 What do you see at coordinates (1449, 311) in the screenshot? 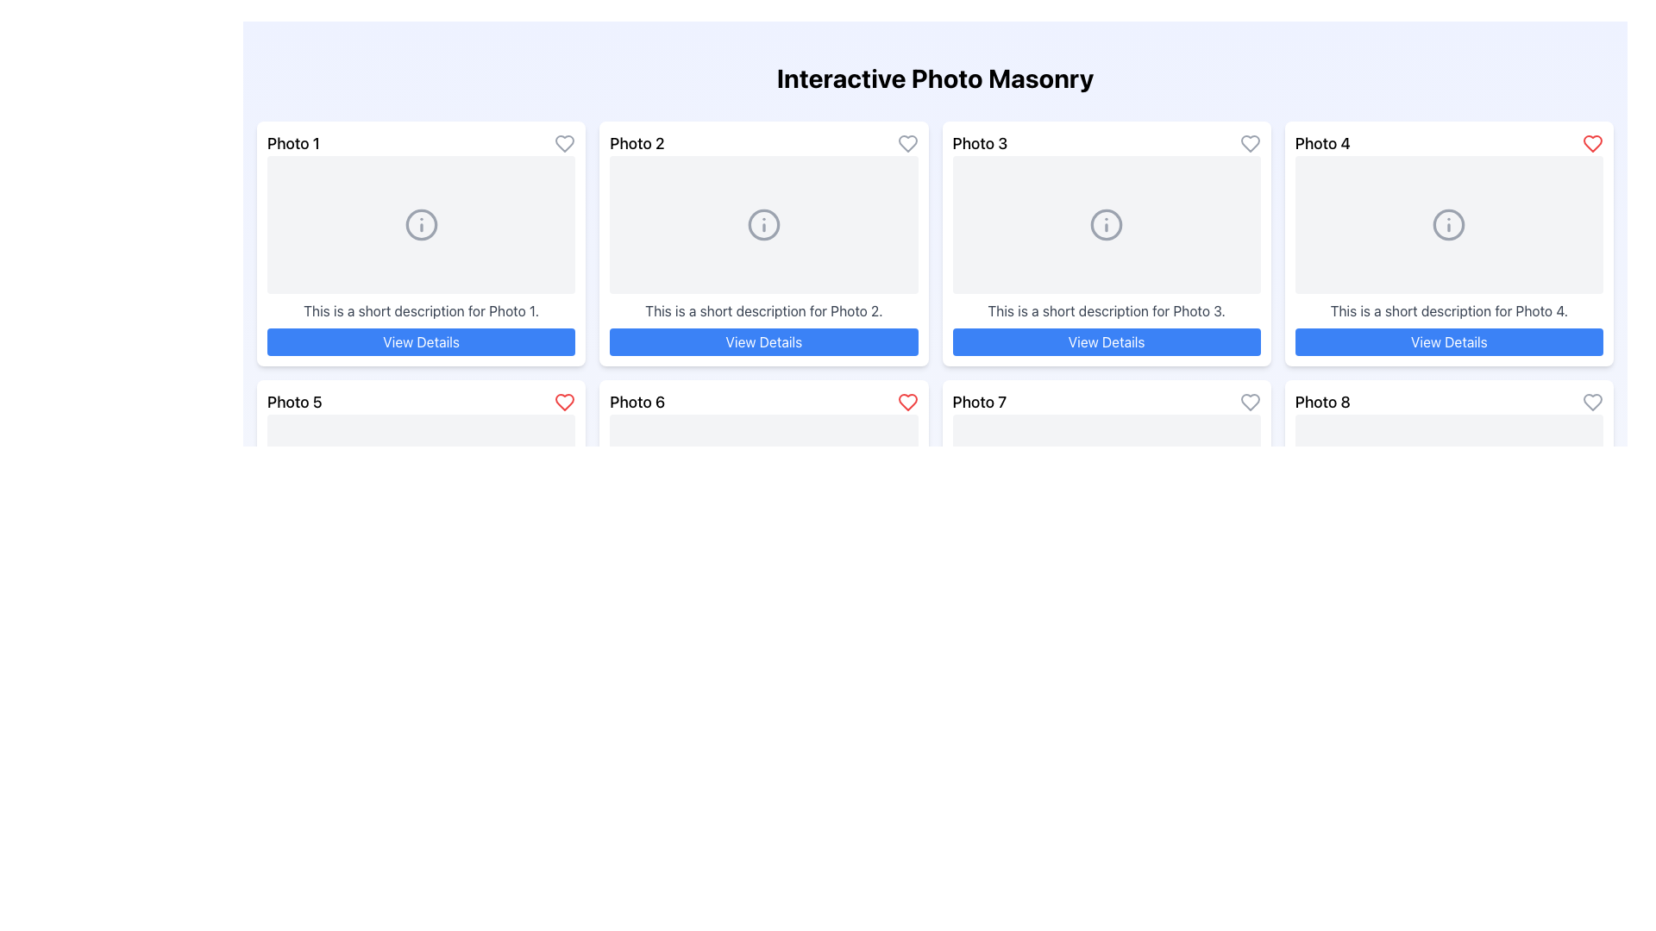
I see `the static text label providing a description related to 'Photo 4', located below the image display area and above the 'View Details' button` at bounding box center [1449, 311].